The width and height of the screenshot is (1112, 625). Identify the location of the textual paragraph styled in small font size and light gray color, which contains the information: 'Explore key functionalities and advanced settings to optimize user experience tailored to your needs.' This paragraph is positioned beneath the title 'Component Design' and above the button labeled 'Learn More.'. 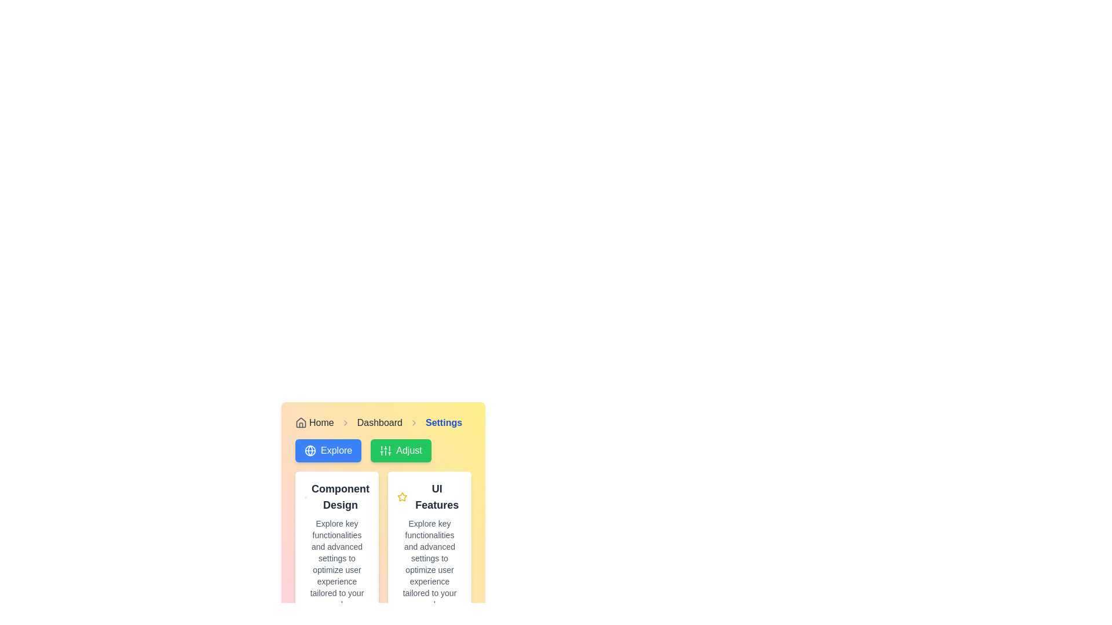
(336, 564).